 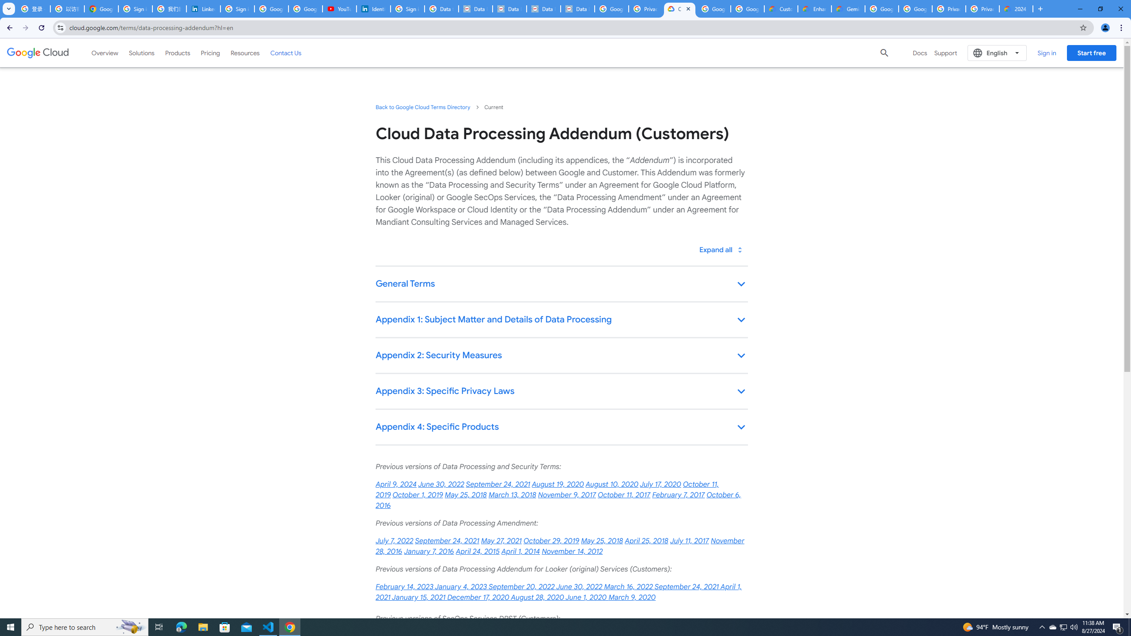 I want to click on 'Products', so click(x=177, y=52).